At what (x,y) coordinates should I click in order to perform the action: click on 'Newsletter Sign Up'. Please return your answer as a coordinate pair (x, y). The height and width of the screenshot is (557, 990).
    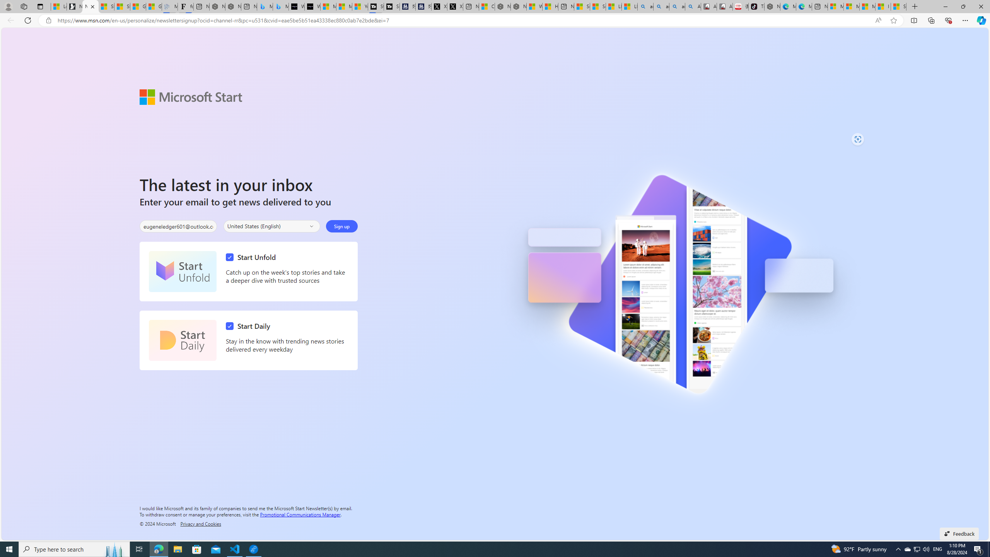
    Looking at the image, I should click on (90, 6).